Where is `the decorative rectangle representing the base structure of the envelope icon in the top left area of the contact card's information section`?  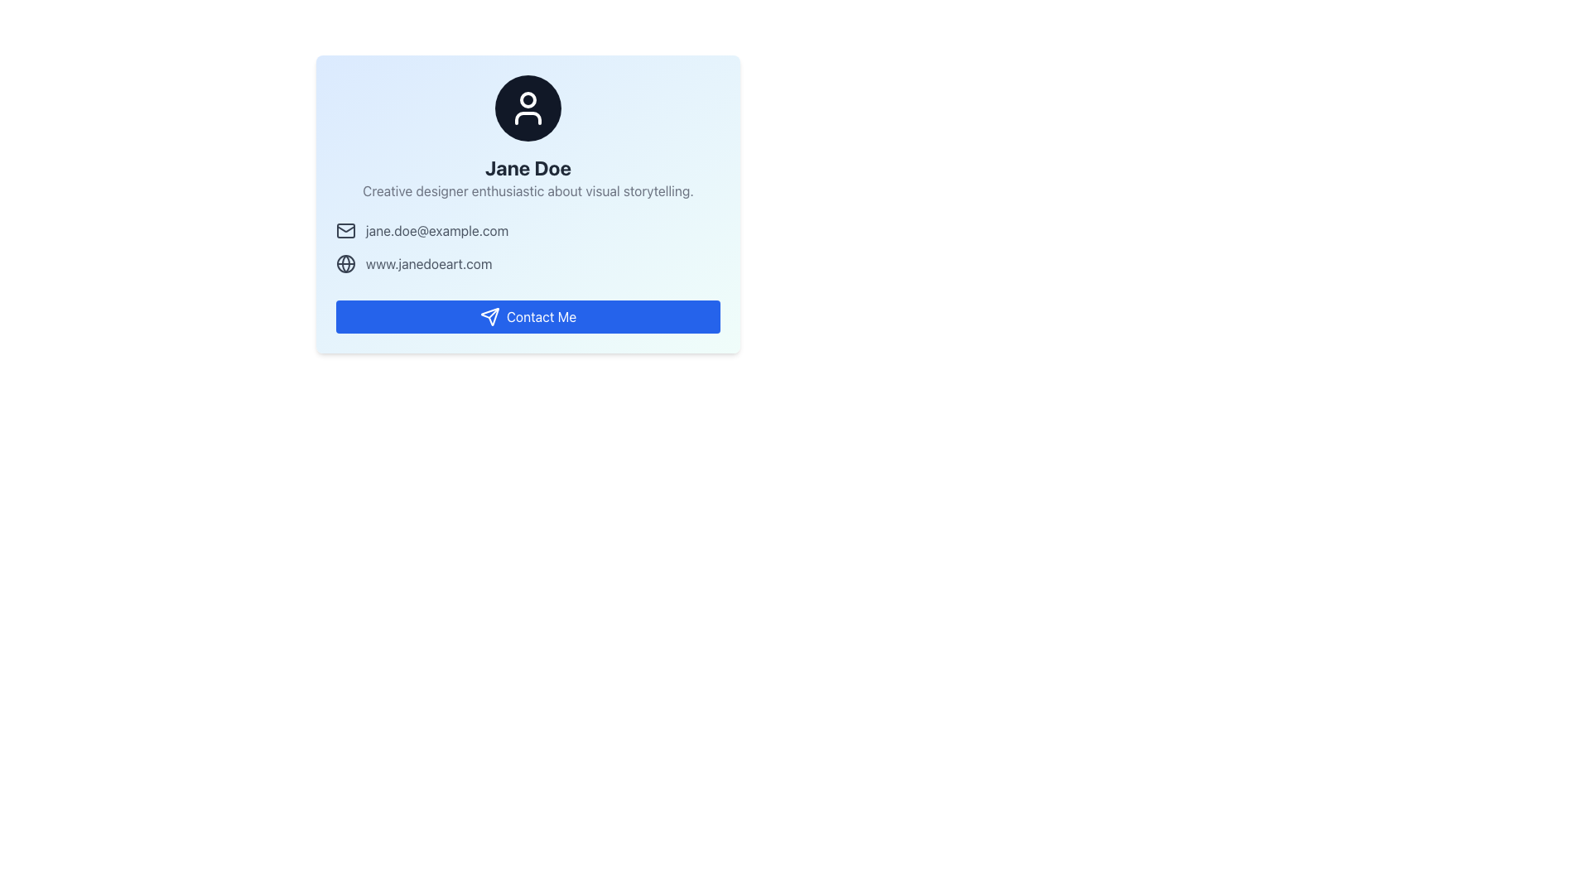 the decorative rectangle representing the base structure of the envelope icon in the top left area of the contact card's information section is located at coordinates (344, 230).